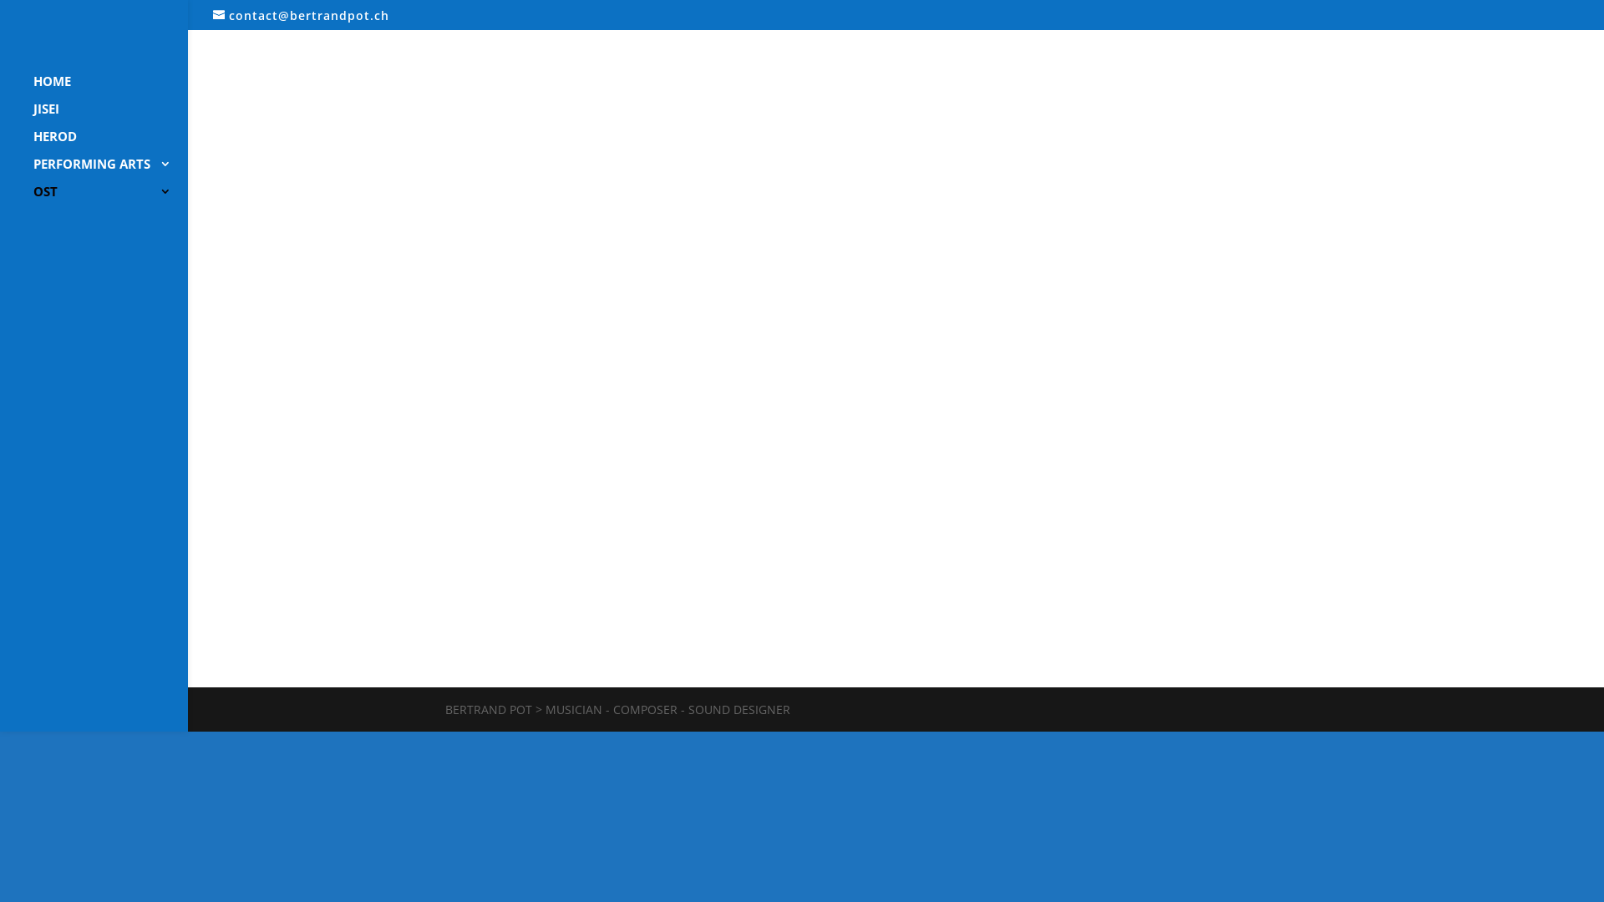 The image size is (1604, 902). What do you see at coordinates (109, 89) in the screenshot?
I see `'HOME'` at bounding box center [109, 89].